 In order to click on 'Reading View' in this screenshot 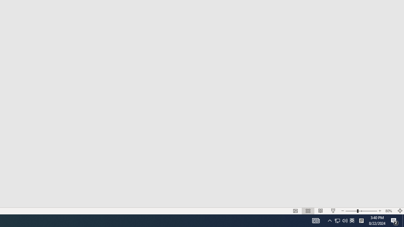, I will do `click(320, 211)`.